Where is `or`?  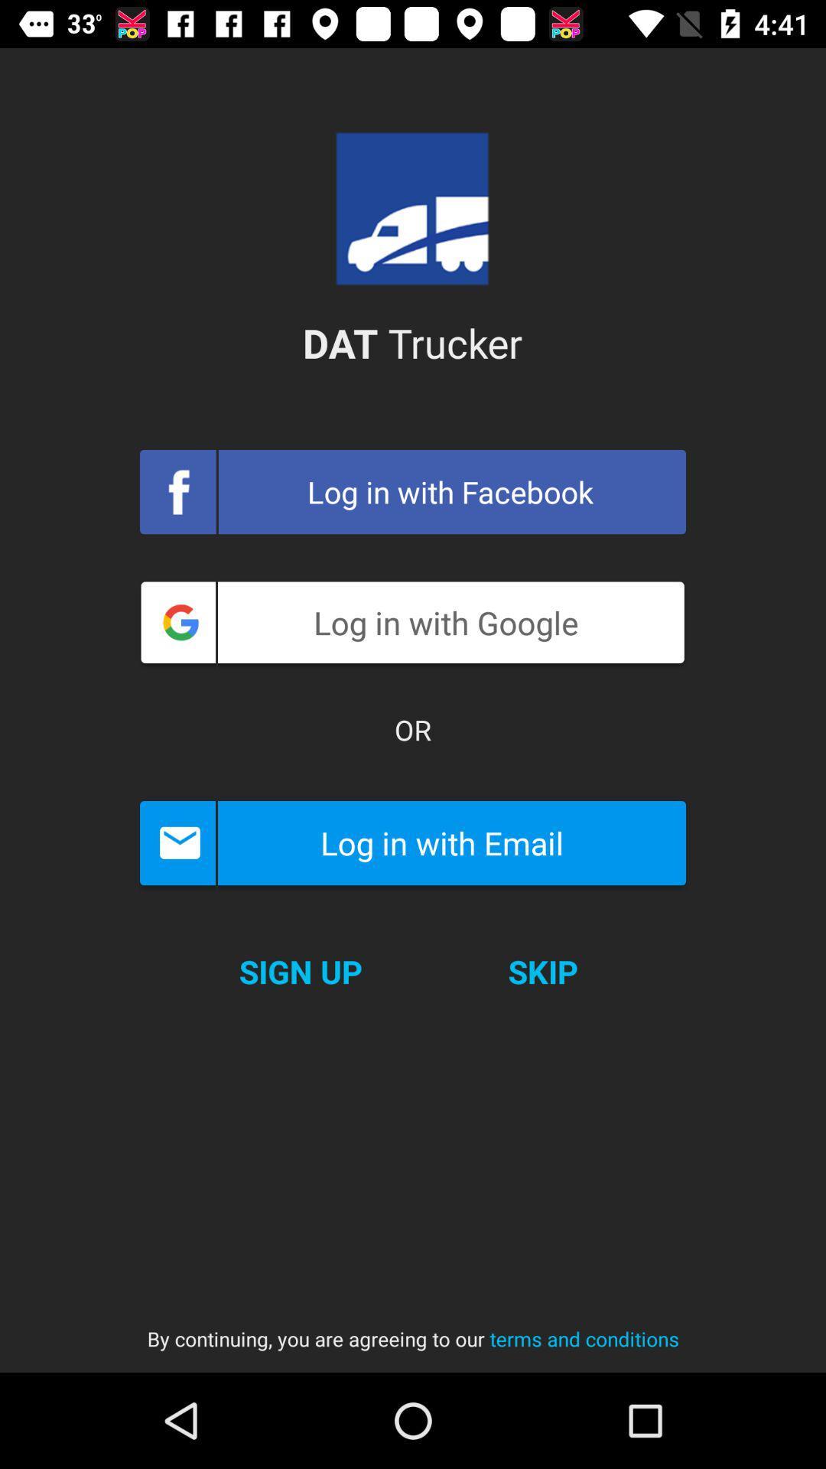
or is located at coordinates (413, 729).